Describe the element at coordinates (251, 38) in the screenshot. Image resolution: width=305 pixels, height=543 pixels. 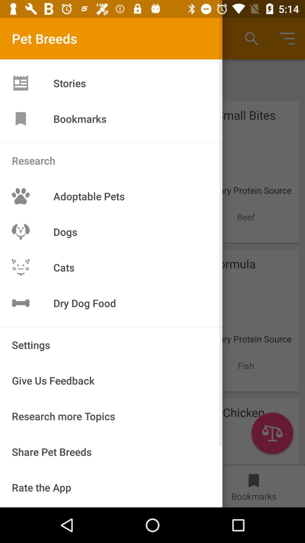
I see `search icon` at that location.